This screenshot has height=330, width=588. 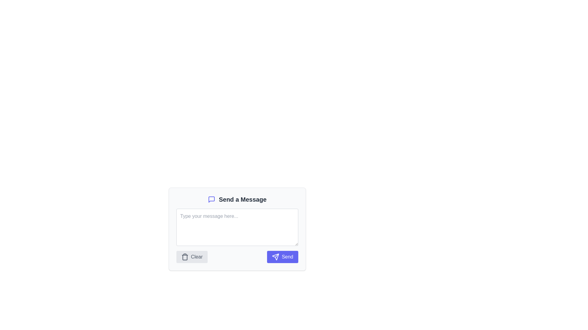 I want to click on the chat message bubble icon located in the top-left corner of the messaging input box, which has a rounded rectangular shape with a tail, so click(x=211, y=199).